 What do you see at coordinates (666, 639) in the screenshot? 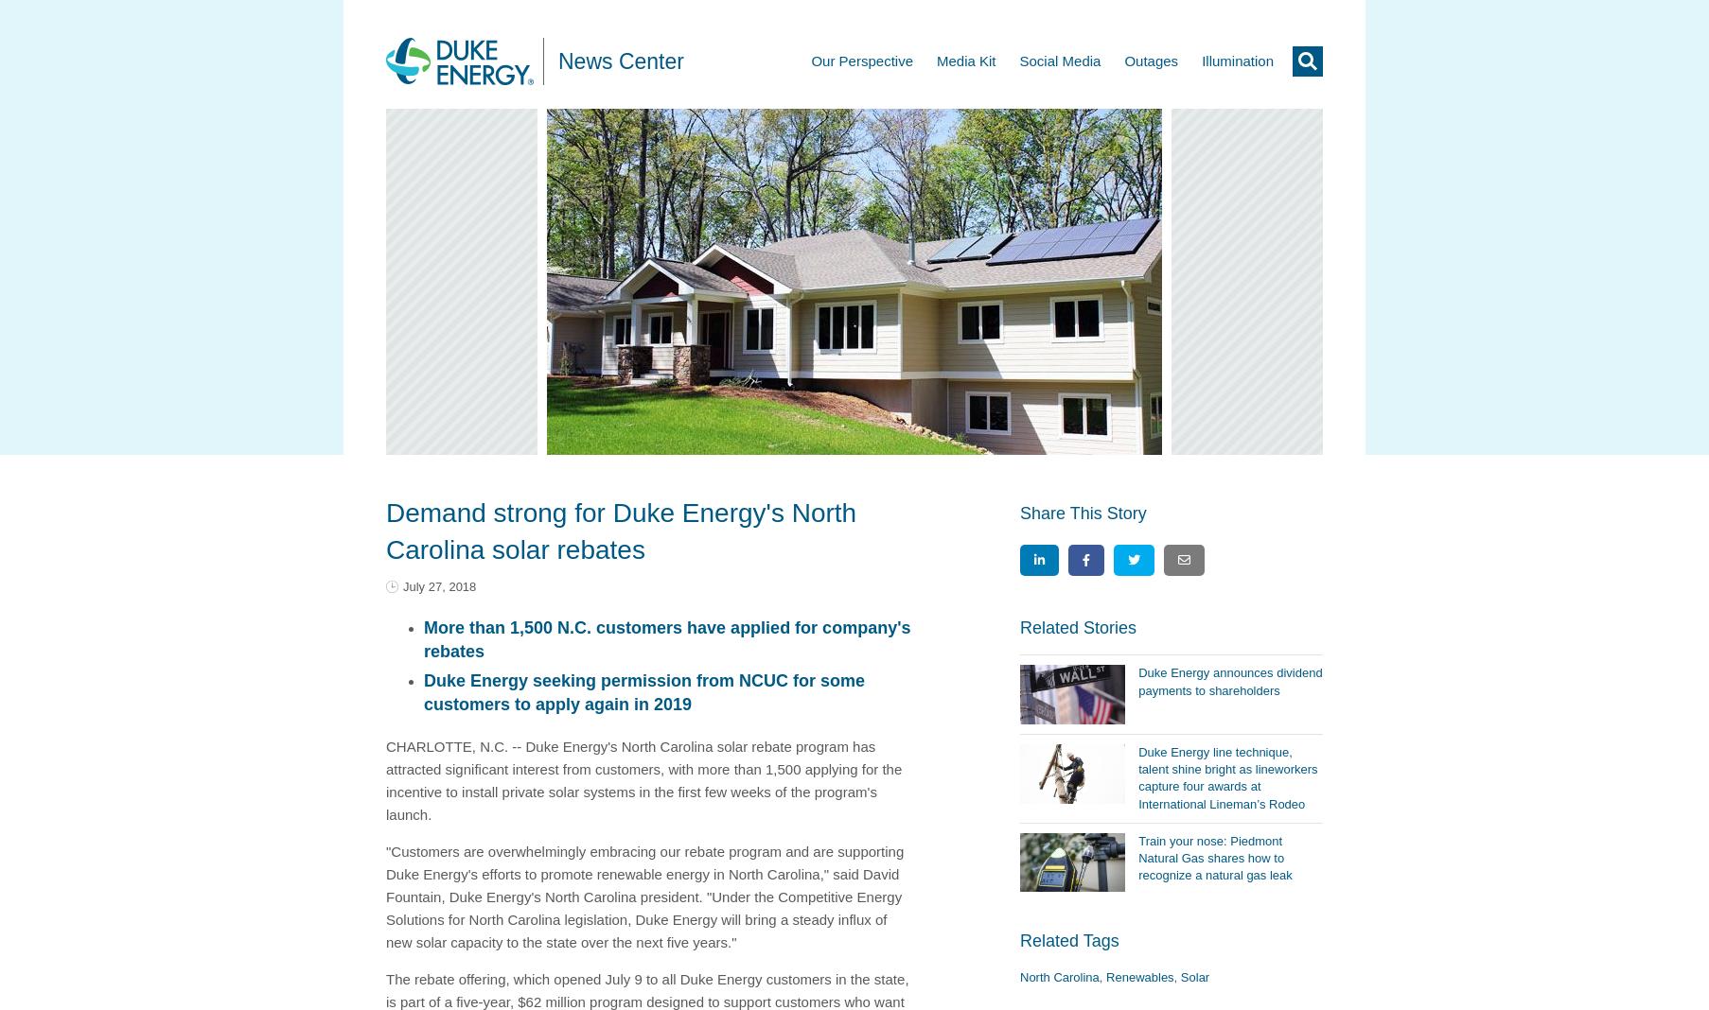
I see `'More than 1,500 N.C. customers have applied for company's rebates'` at bounding box center [666, 639].